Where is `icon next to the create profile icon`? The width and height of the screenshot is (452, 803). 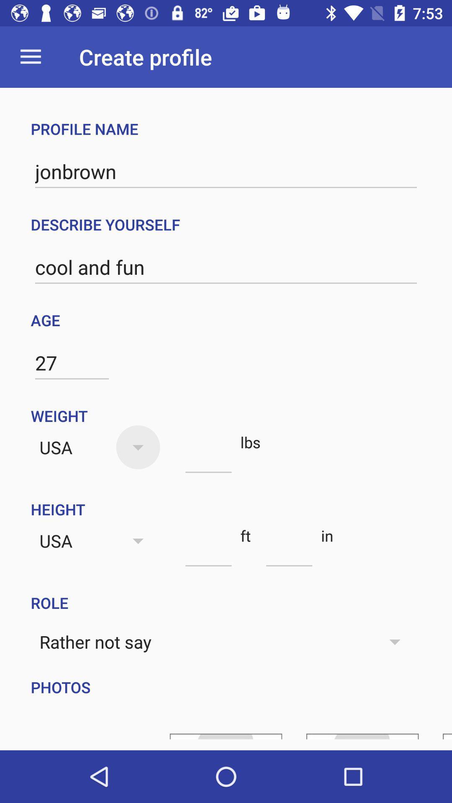 icon next to the create profile icon is located at coordinates (30, 56).